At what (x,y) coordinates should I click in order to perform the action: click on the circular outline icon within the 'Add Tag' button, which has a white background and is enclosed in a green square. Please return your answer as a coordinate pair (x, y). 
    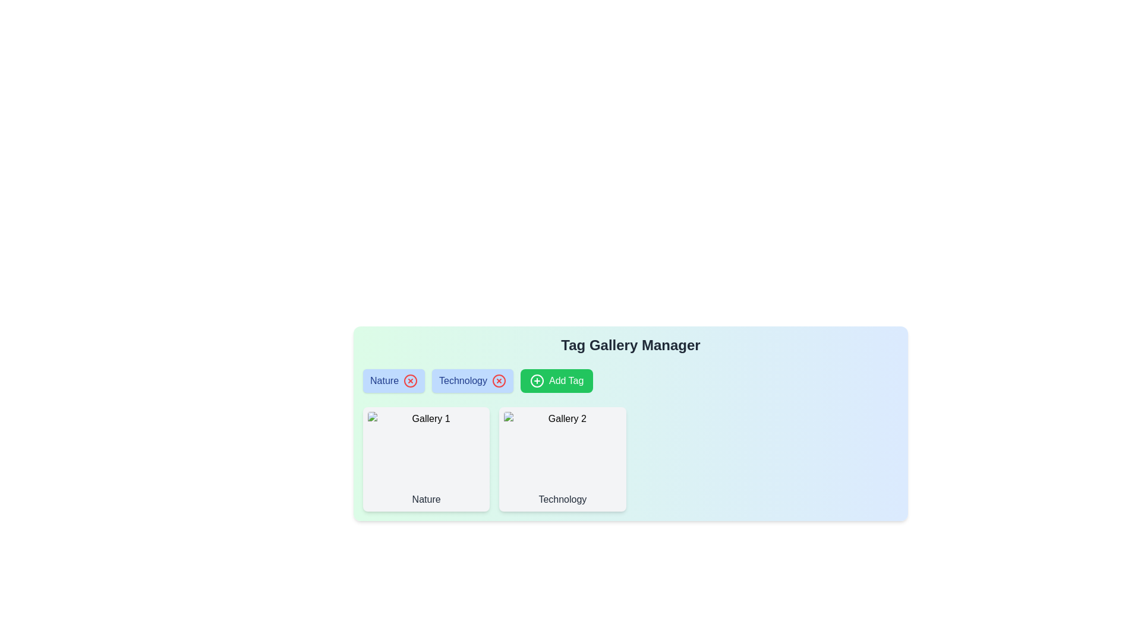
    Looking at the image, I should click on (536, 380).